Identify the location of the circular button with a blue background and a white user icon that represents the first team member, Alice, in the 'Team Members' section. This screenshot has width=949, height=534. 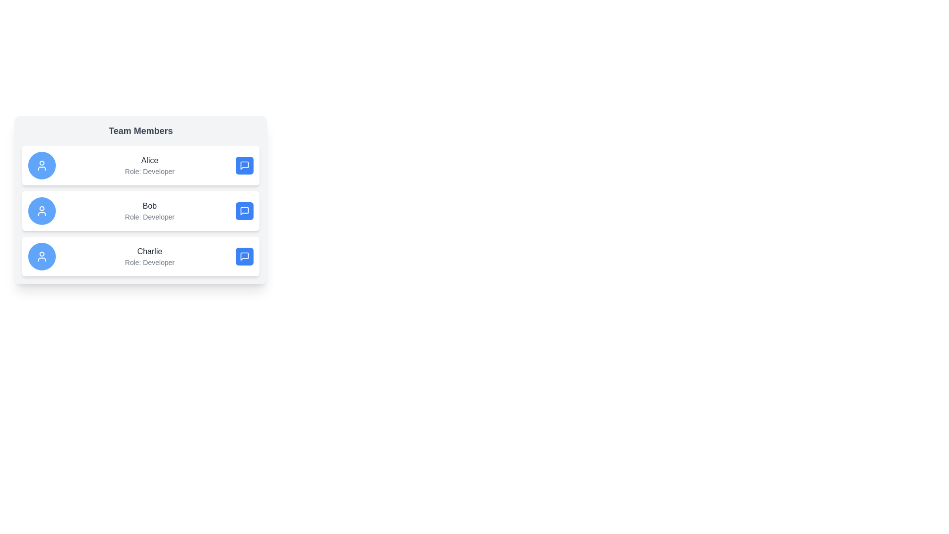
(42, 165).